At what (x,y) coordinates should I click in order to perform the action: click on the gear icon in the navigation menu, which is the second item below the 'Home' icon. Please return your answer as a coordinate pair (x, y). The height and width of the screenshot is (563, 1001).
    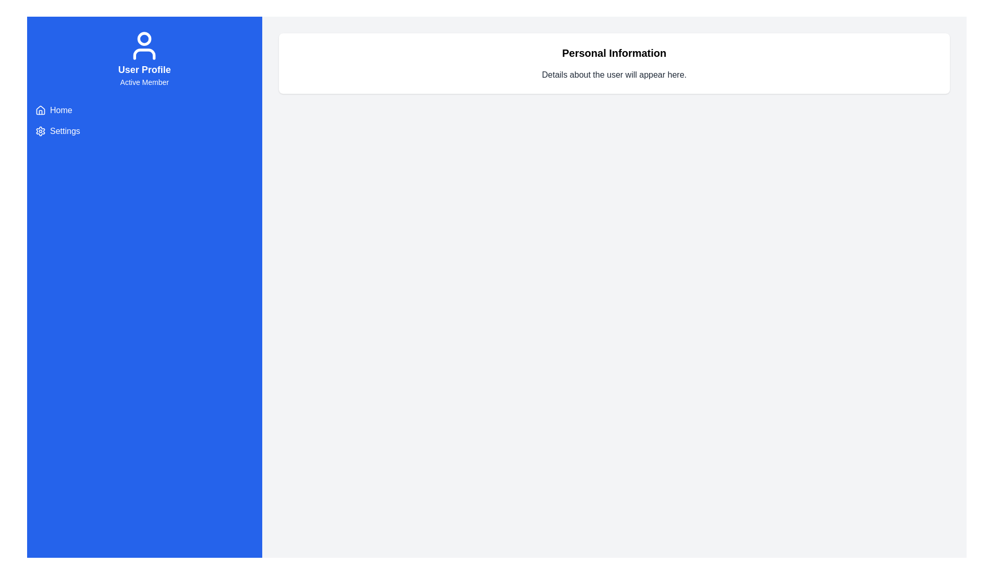
    Looking at the image, I should click on (40, 130).